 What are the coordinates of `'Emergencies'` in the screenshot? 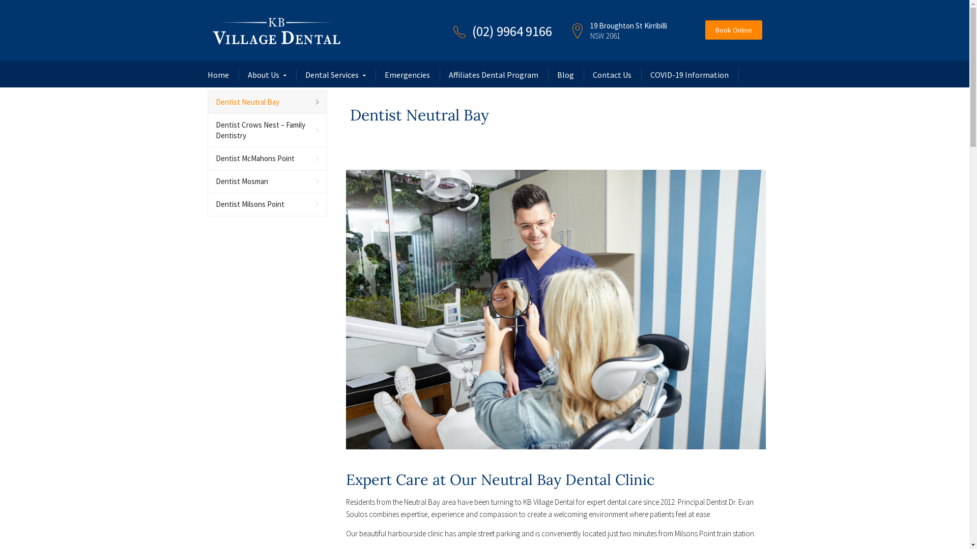 It's located at (384, 74).